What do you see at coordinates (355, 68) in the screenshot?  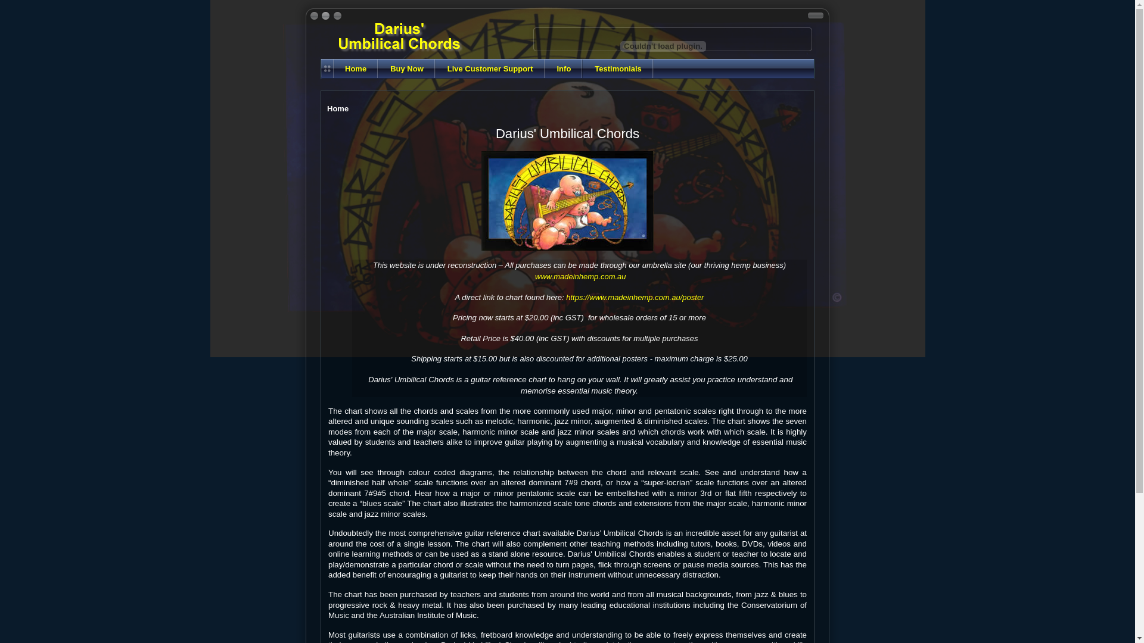 I see `'Home'` at bounding box center [355, 68].